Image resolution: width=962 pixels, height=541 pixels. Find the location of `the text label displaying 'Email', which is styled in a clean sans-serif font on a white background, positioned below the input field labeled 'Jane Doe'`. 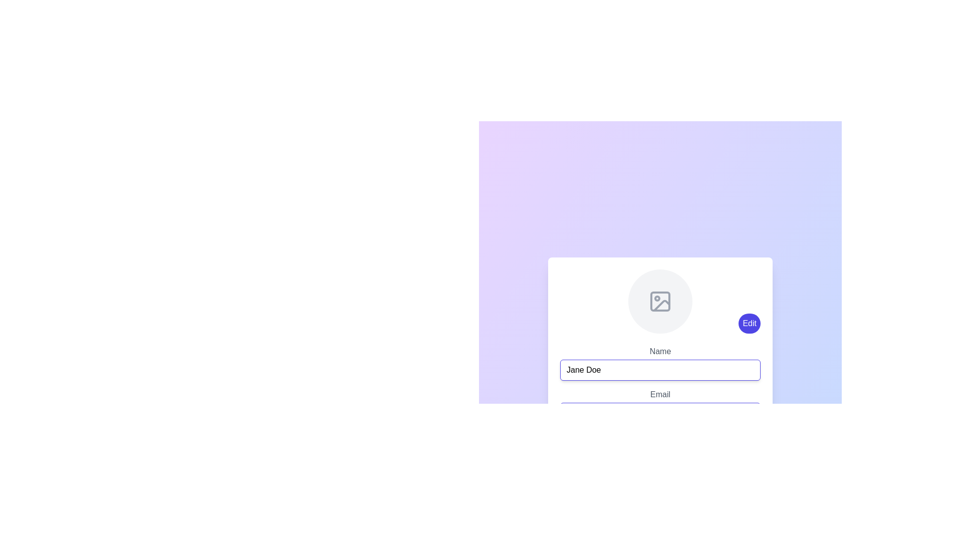

the text label displaying 'Email', which is styled in a clean sans-serif font on a white background, positioned below the input field labeled 'Jane Doe' is located at coordinates (660, 394).